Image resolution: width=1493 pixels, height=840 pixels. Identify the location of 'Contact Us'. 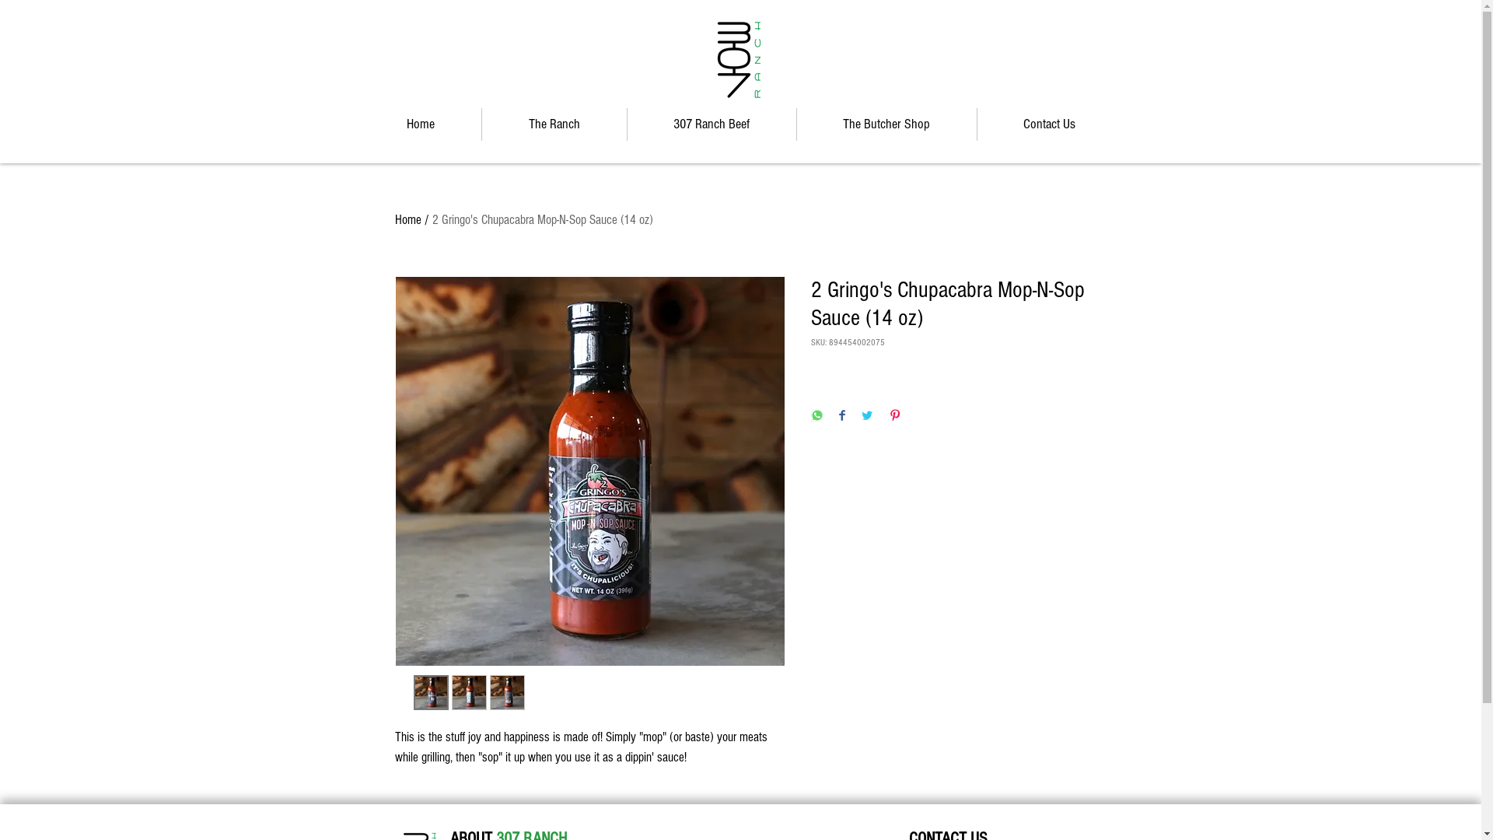
(1048, 123).